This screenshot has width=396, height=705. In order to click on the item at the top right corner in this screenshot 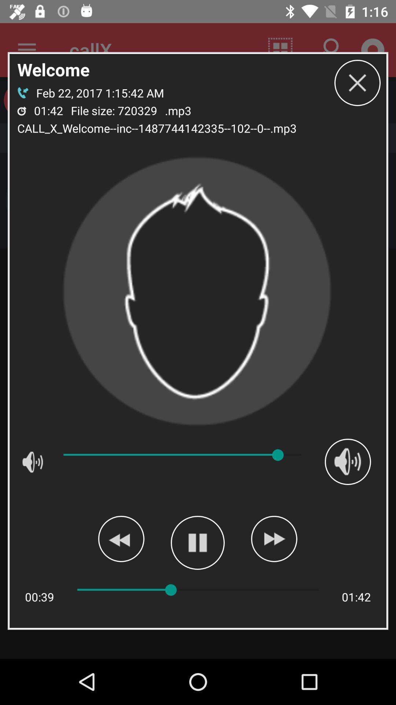, I will do `click(357, 83)`.